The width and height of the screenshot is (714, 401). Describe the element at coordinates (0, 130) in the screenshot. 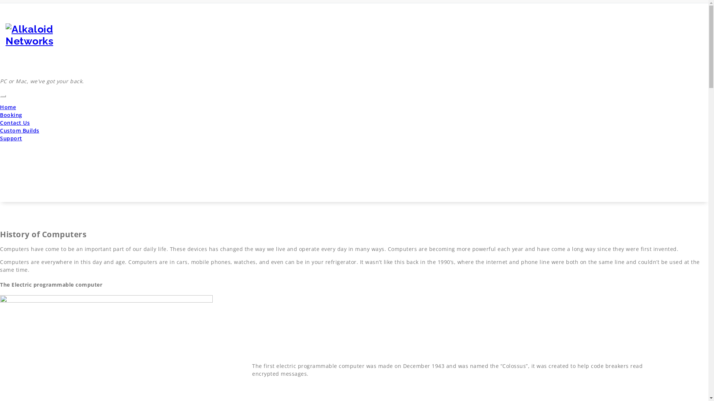

I see `'Custom Builds'` at that location.